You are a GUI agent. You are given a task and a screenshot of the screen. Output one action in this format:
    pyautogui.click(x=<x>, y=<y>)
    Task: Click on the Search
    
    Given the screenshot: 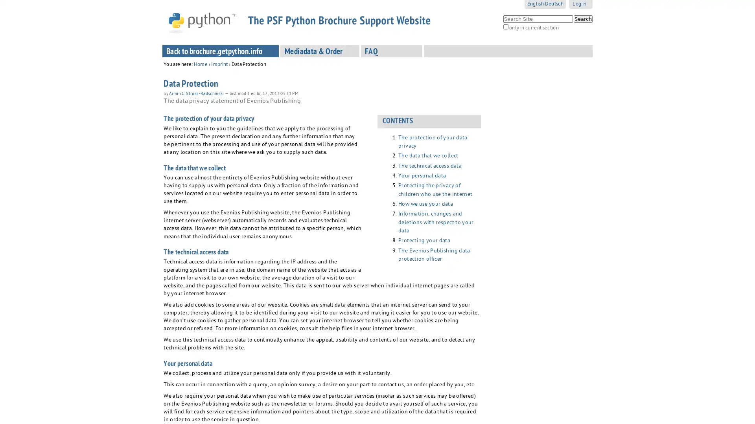 What is the action you would take?
    pyautogui.click(x=583, y=18)
    